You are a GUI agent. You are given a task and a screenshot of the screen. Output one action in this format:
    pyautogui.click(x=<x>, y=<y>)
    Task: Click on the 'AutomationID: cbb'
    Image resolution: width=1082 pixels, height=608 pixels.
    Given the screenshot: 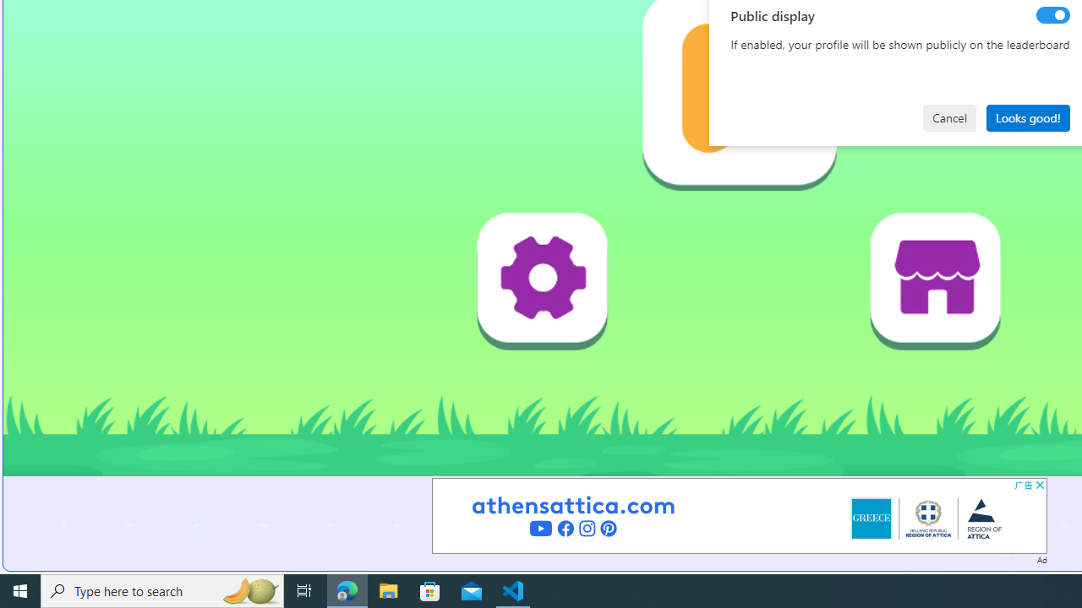 What is the action you would take?
    pyautogui.click(x=1039, y=485)
    